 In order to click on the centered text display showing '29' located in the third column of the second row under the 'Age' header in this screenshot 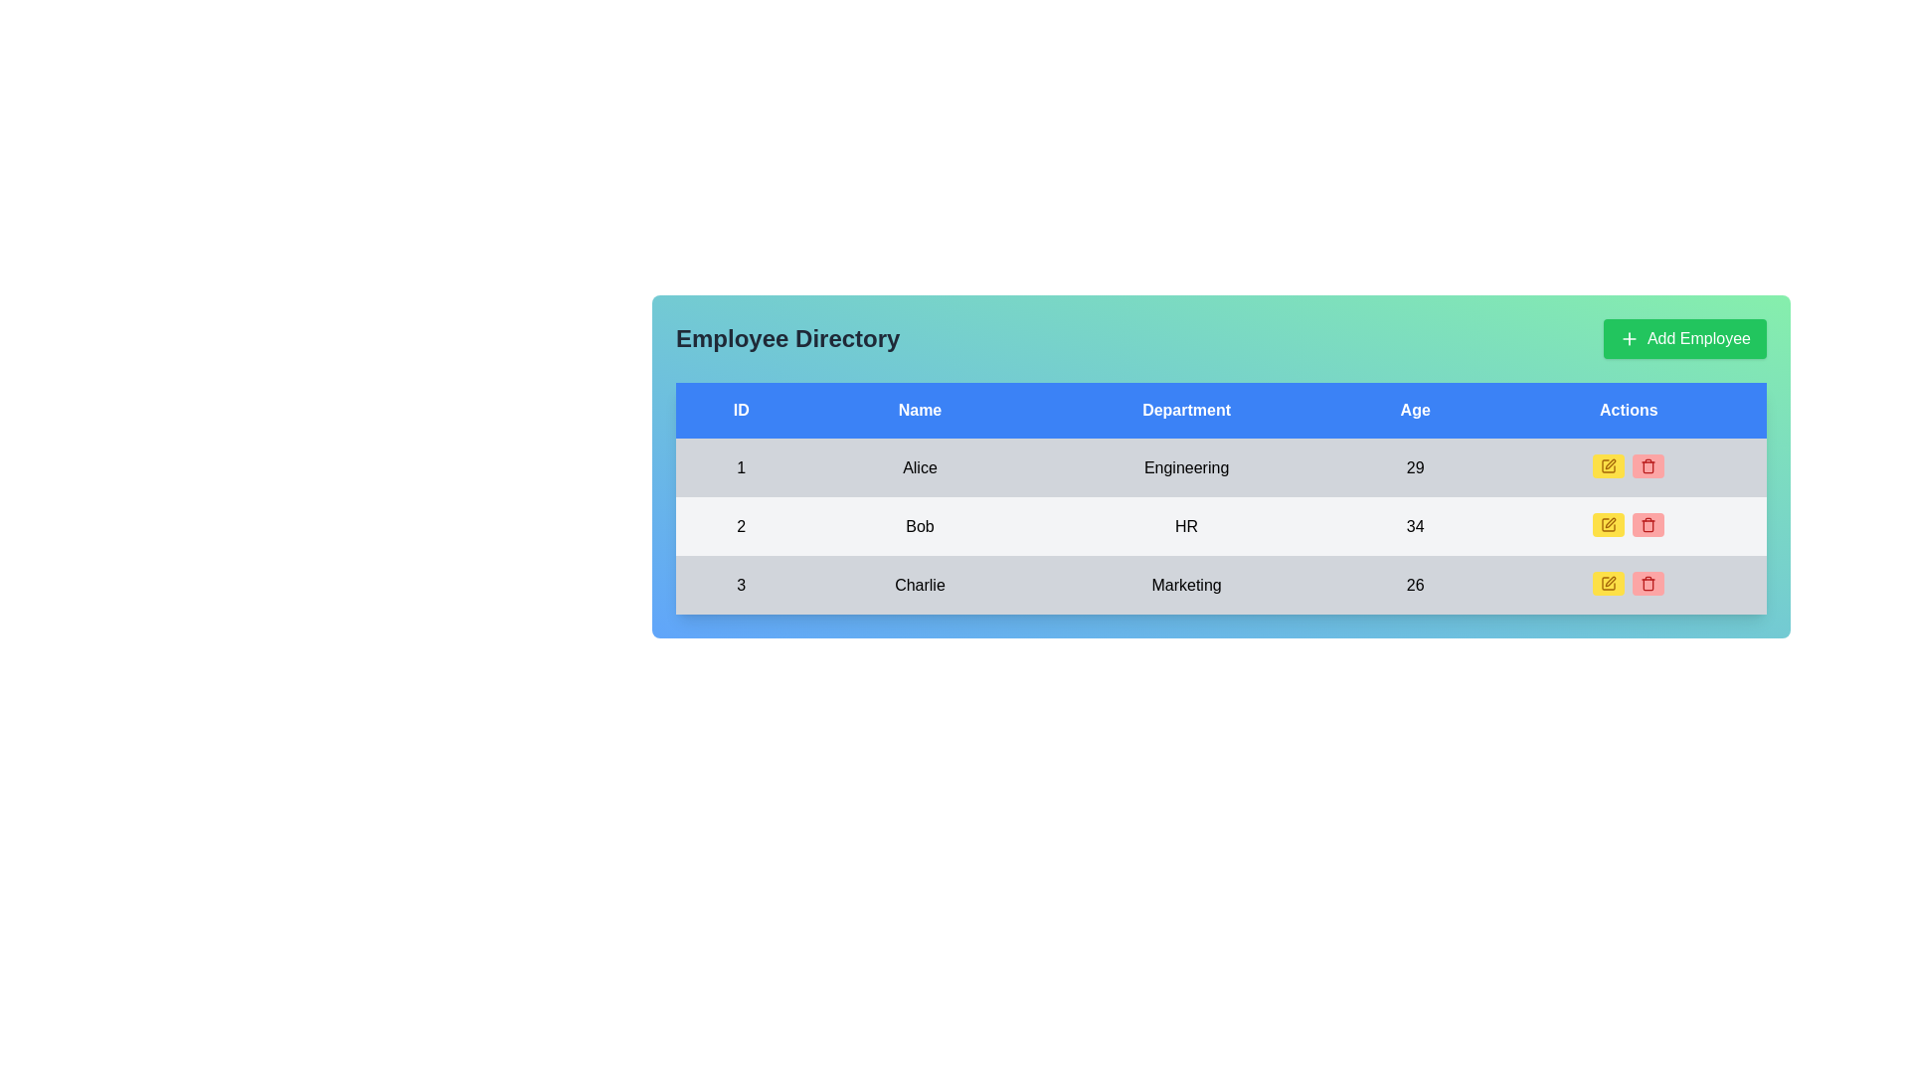, I will do `click(1414, 467)`.